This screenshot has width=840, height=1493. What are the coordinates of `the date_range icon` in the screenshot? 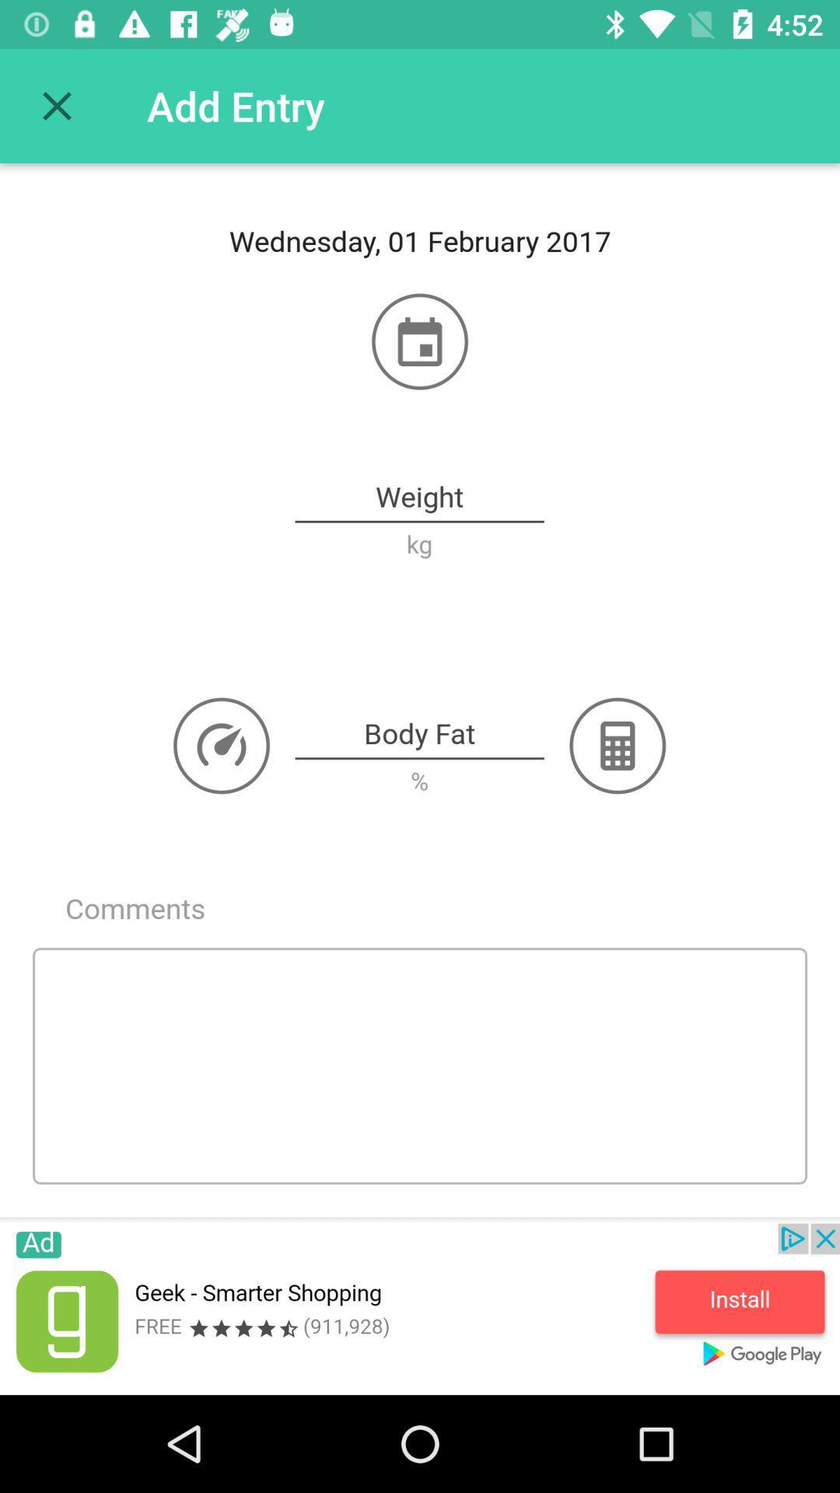 It's located at (420, 341).